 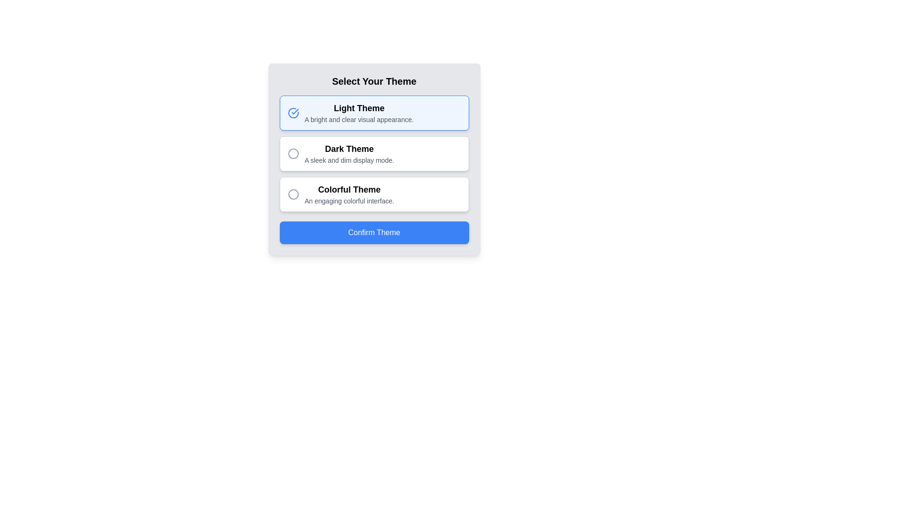 What do you see at coordinates (349, 190) in the screenshot?
I see `the Text Label for the 'Colorful Theme' option, which is positioned above the description text and below the 'Dark Theme' option in the theme selection interface` at bounding box center [349, 190].